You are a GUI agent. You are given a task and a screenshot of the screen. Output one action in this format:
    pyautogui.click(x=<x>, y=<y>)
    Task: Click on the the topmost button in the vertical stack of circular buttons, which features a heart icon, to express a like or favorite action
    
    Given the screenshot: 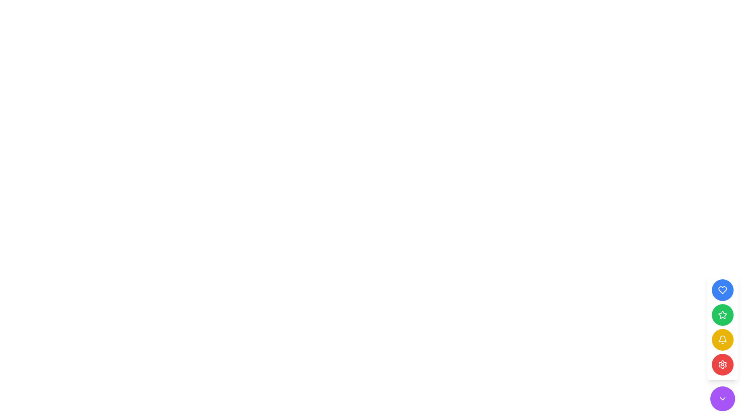 What is the action you would take?
    pyautogui.click(x=722, y=290)
    